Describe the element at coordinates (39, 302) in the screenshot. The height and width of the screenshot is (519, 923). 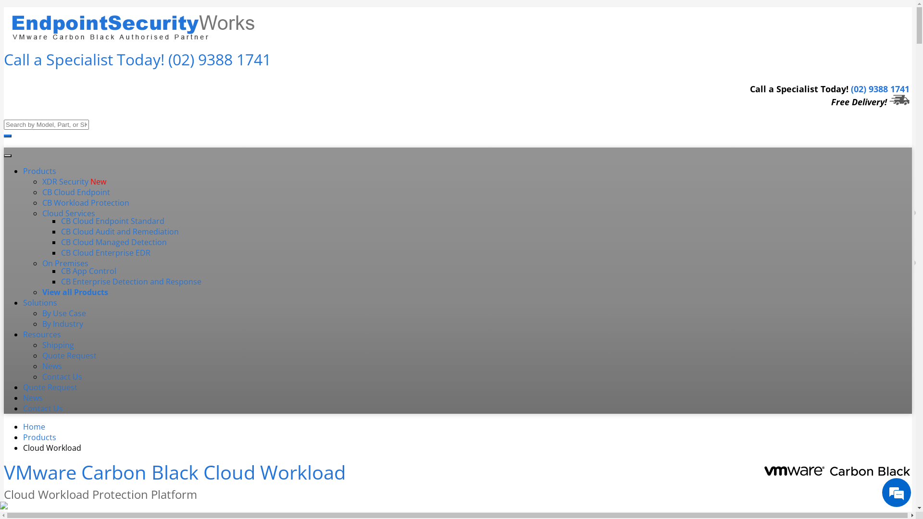
I see `'Solutions'` at that location.